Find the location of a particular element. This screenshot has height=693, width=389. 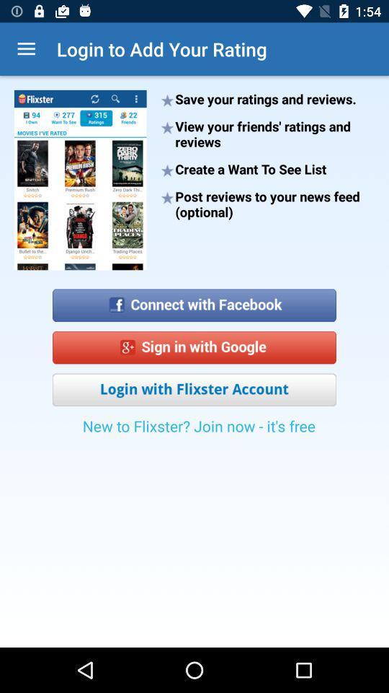

sign in button for google is located at coordinates (194, 346).